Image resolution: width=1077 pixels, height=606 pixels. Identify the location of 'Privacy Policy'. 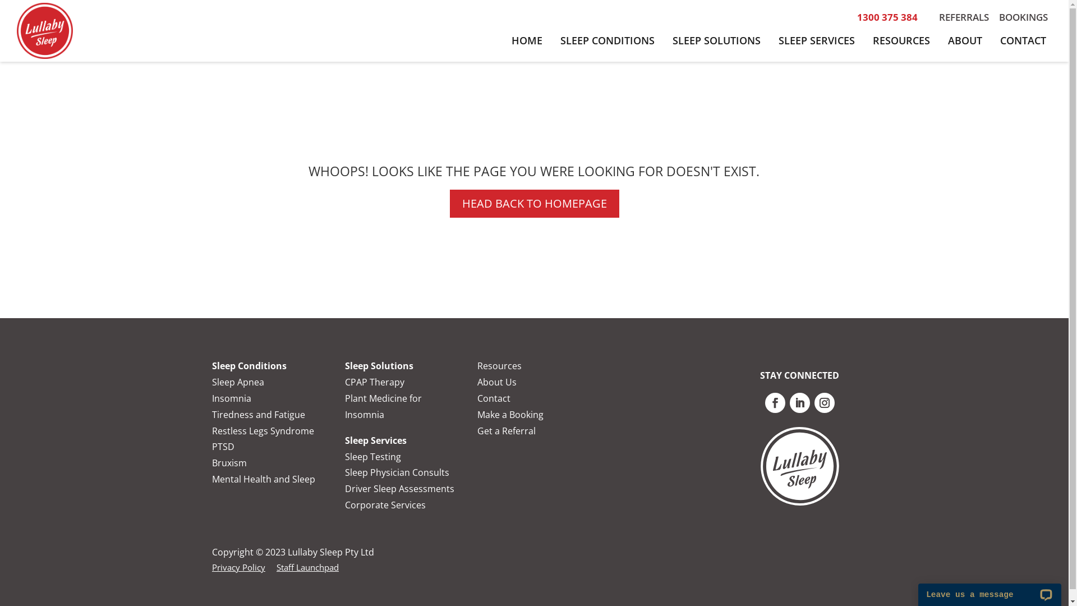
(212, 567).